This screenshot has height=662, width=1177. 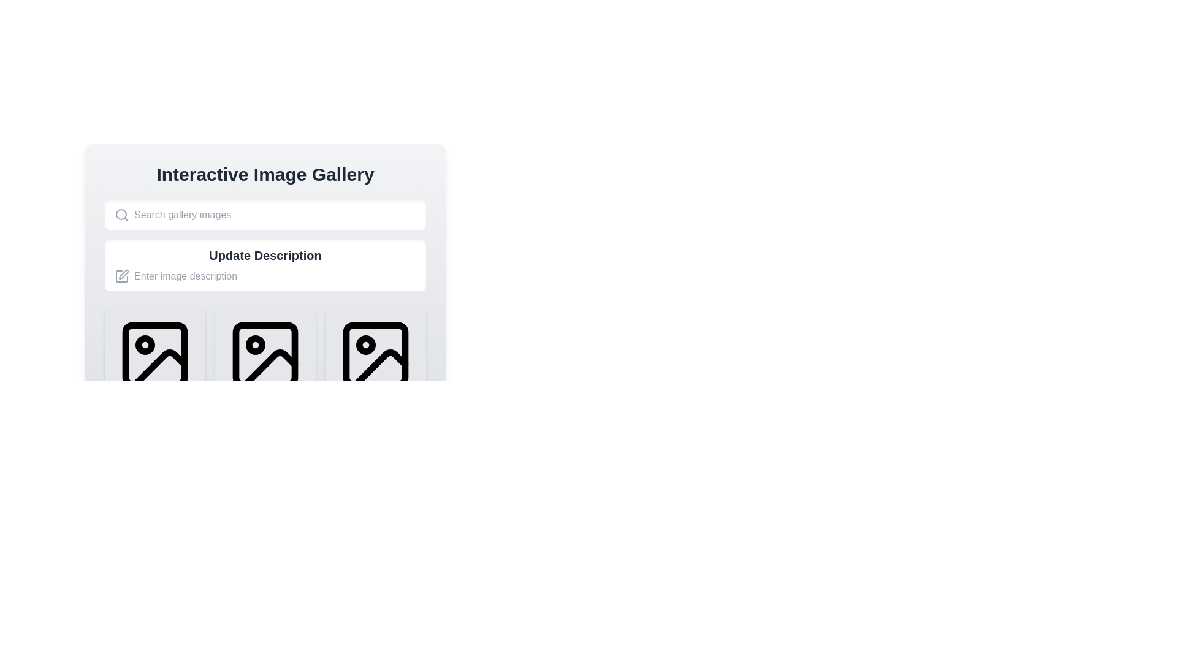 What do you see at coordinates (365, 345) in the screenshot?
I see `the Circle (SVG Shape) inside the third image icon representing a mountain with a sun indicator` at bounding box center [365, 345].